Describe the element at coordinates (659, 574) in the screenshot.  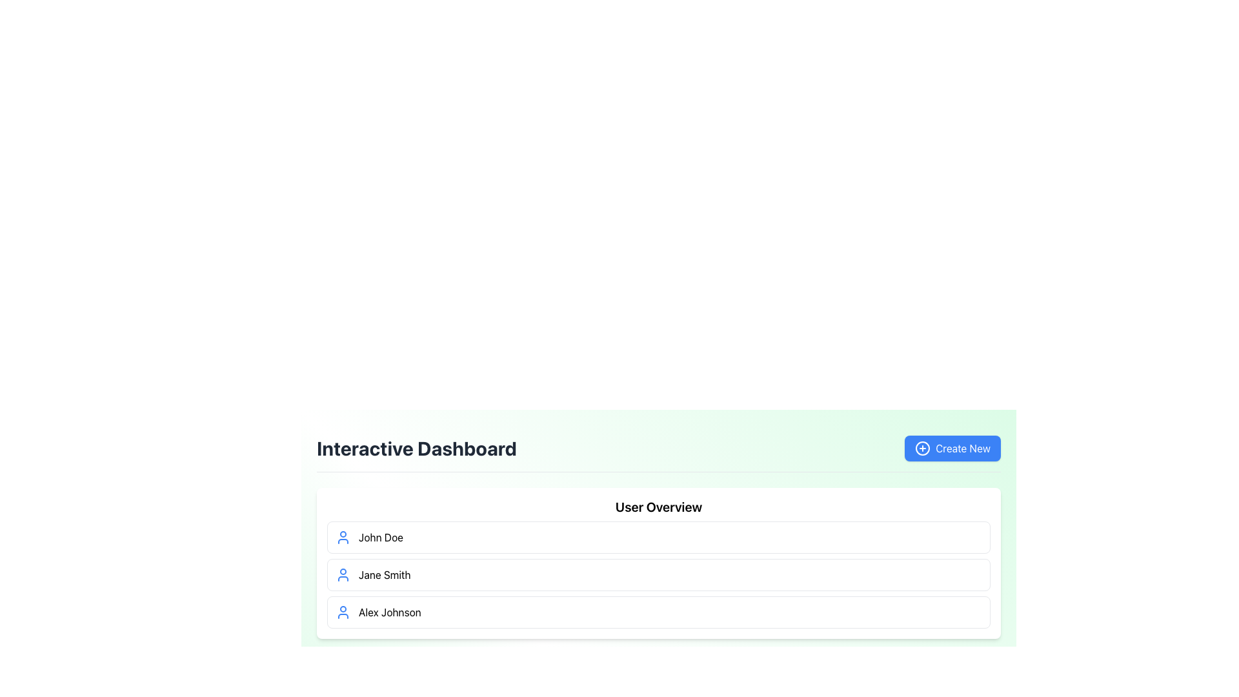
I see `user-specific information for the list item displaying 'Jane Smith', the second entry in the user list` at that location.